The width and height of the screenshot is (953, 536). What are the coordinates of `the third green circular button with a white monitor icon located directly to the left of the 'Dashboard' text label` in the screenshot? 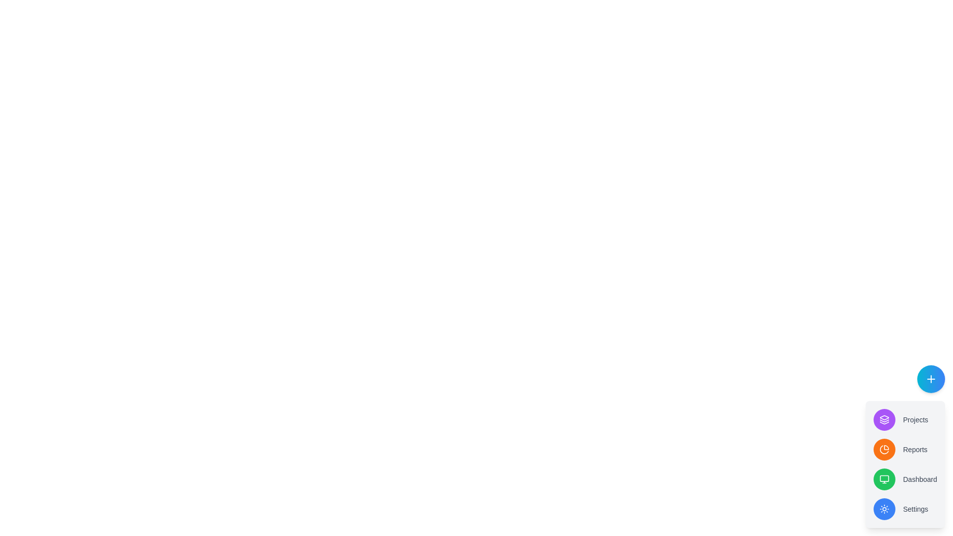 It's located at (884, 478).